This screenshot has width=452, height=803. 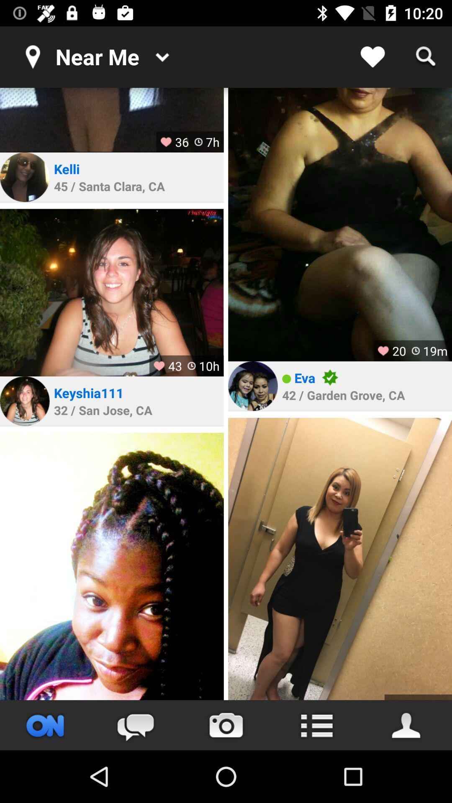 I want to click on open profile page, so click(x=111, y=292).